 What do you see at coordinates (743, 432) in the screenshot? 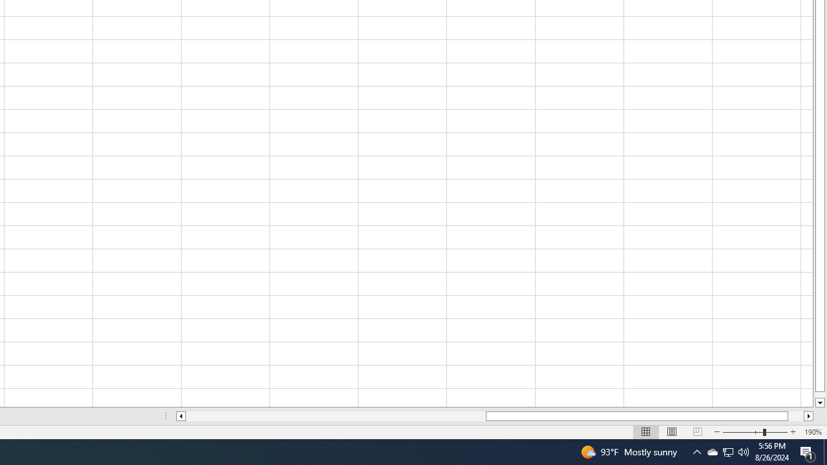
I see `'Zoom Out'` at bounding box center [743, 432].